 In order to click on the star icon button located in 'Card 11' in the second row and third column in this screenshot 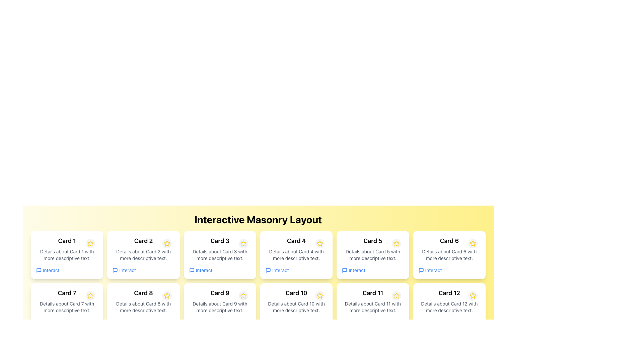, I will do `click(396, 295)`.